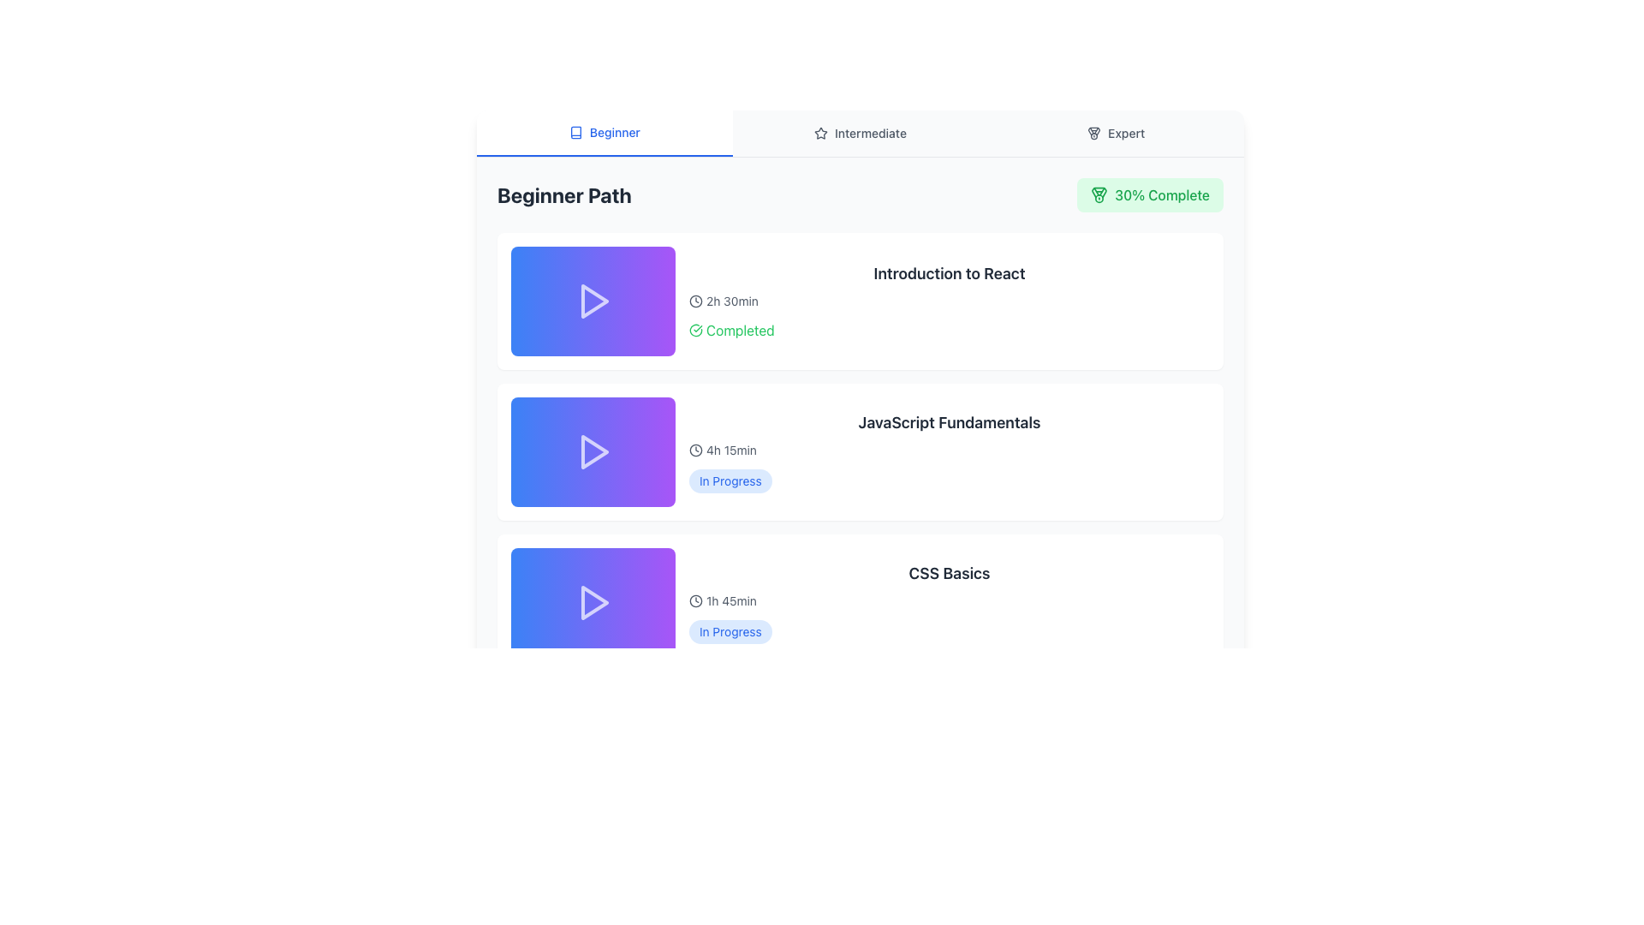  Describe the element at coordinates (948, 574) in the screenshot. I see `the text label representing the course 'CSS Basics', which is located in the third card of the course module list, positioned below 'JavaScript Fundamentals'` at that location.